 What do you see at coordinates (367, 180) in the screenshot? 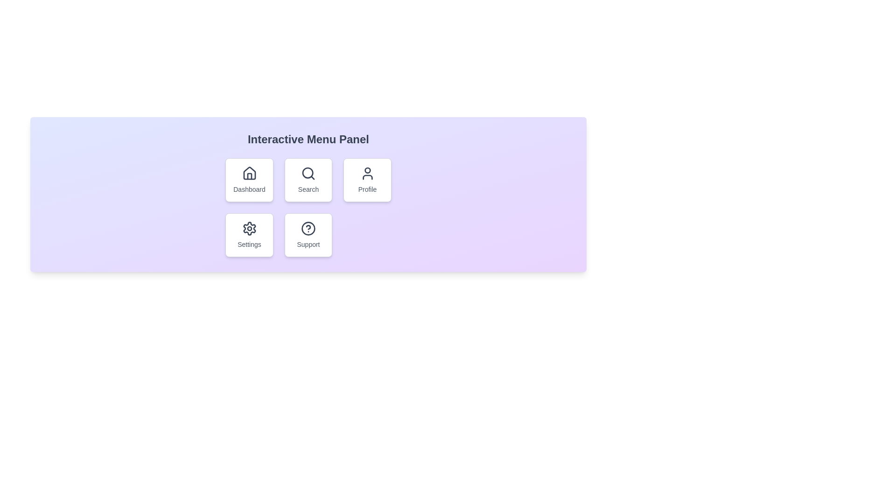
I see `the 'Profile' button, which is a square-shaped button with rounded corners, a white background, a centered user icon, and the text 'Profile' below it` at bounding box center [367, 180].